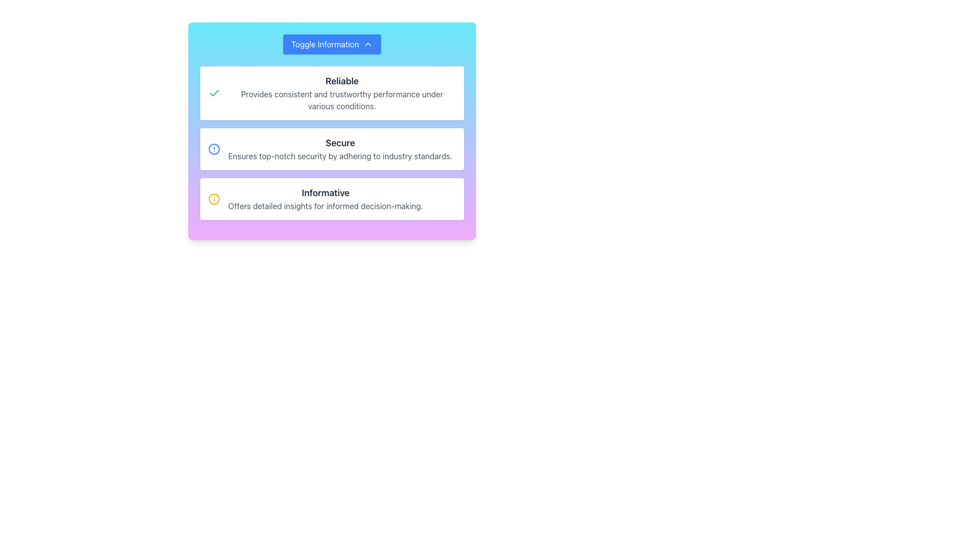 Image resolution: width=959 pixels, height=539 pixels. Describe the element at coordinates (342, 80) in the screenshot. I see `text label or header located at the center of the first card in the vertical list, which indicates the theme or topic of the associated description` at that location.